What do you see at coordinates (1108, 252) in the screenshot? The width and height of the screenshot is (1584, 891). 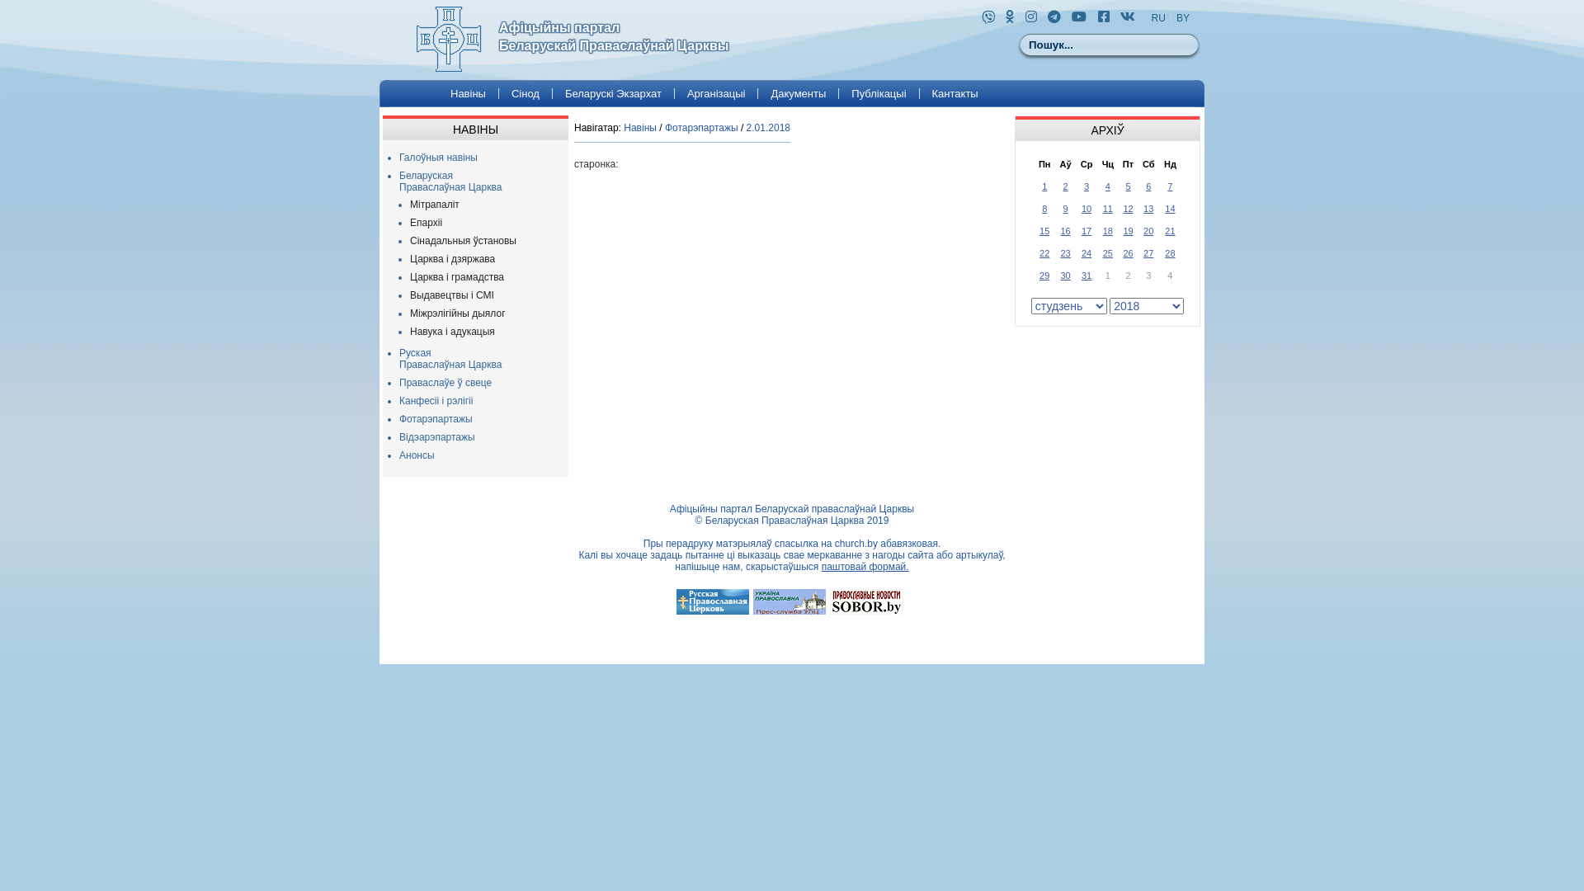 I see `'25'` at bounding box center [1108, 252].